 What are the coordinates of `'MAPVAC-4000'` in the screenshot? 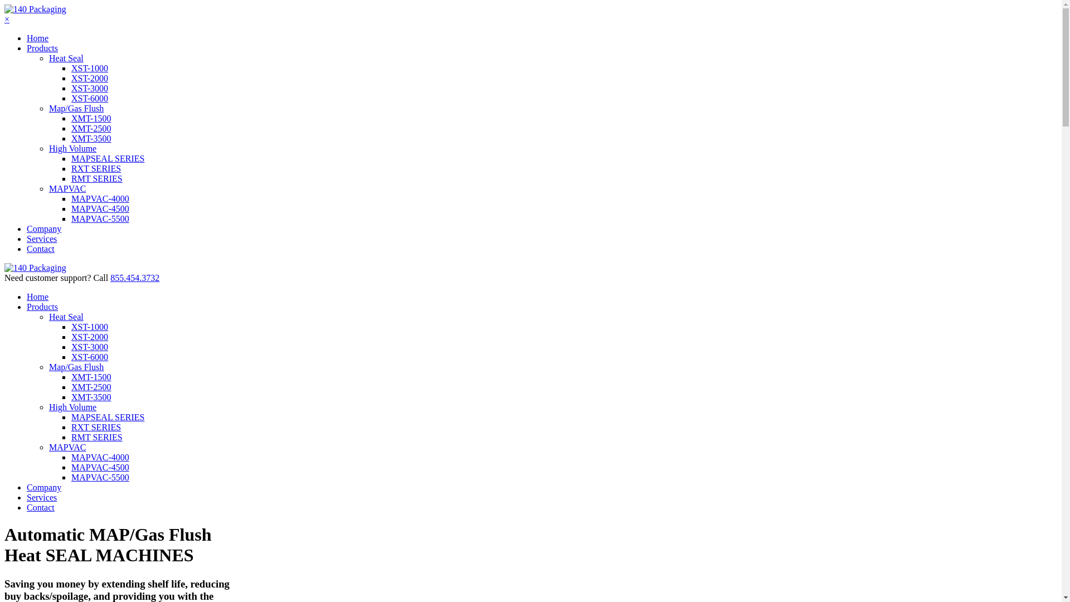 It's located at (100, 198).